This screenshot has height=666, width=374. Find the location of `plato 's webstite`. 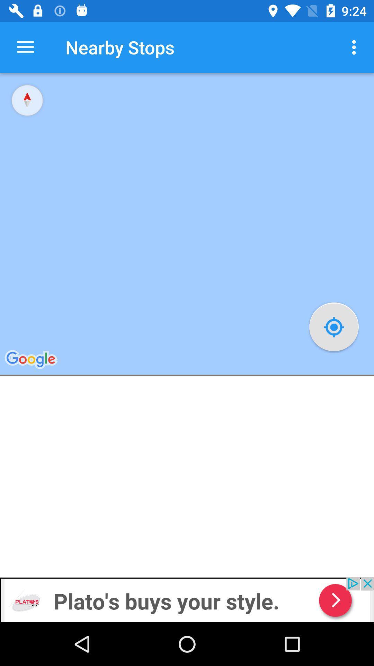

plato 's webstite is located at coordinates (187, 599).